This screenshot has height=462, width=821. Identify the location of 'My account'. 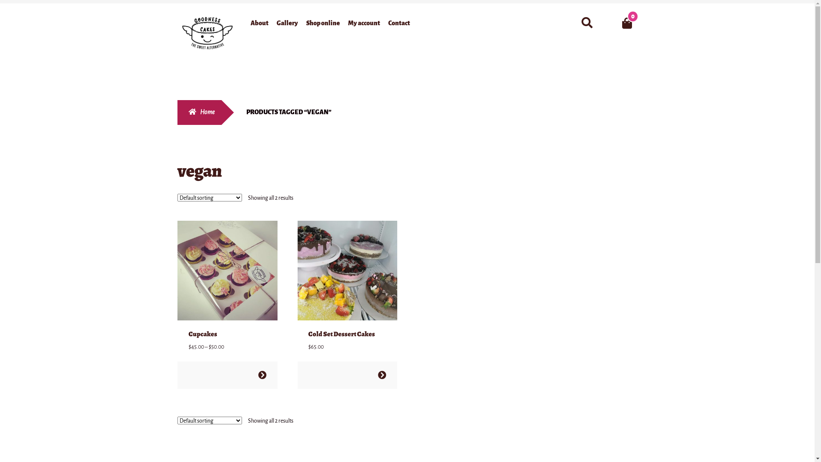
(364, 24).